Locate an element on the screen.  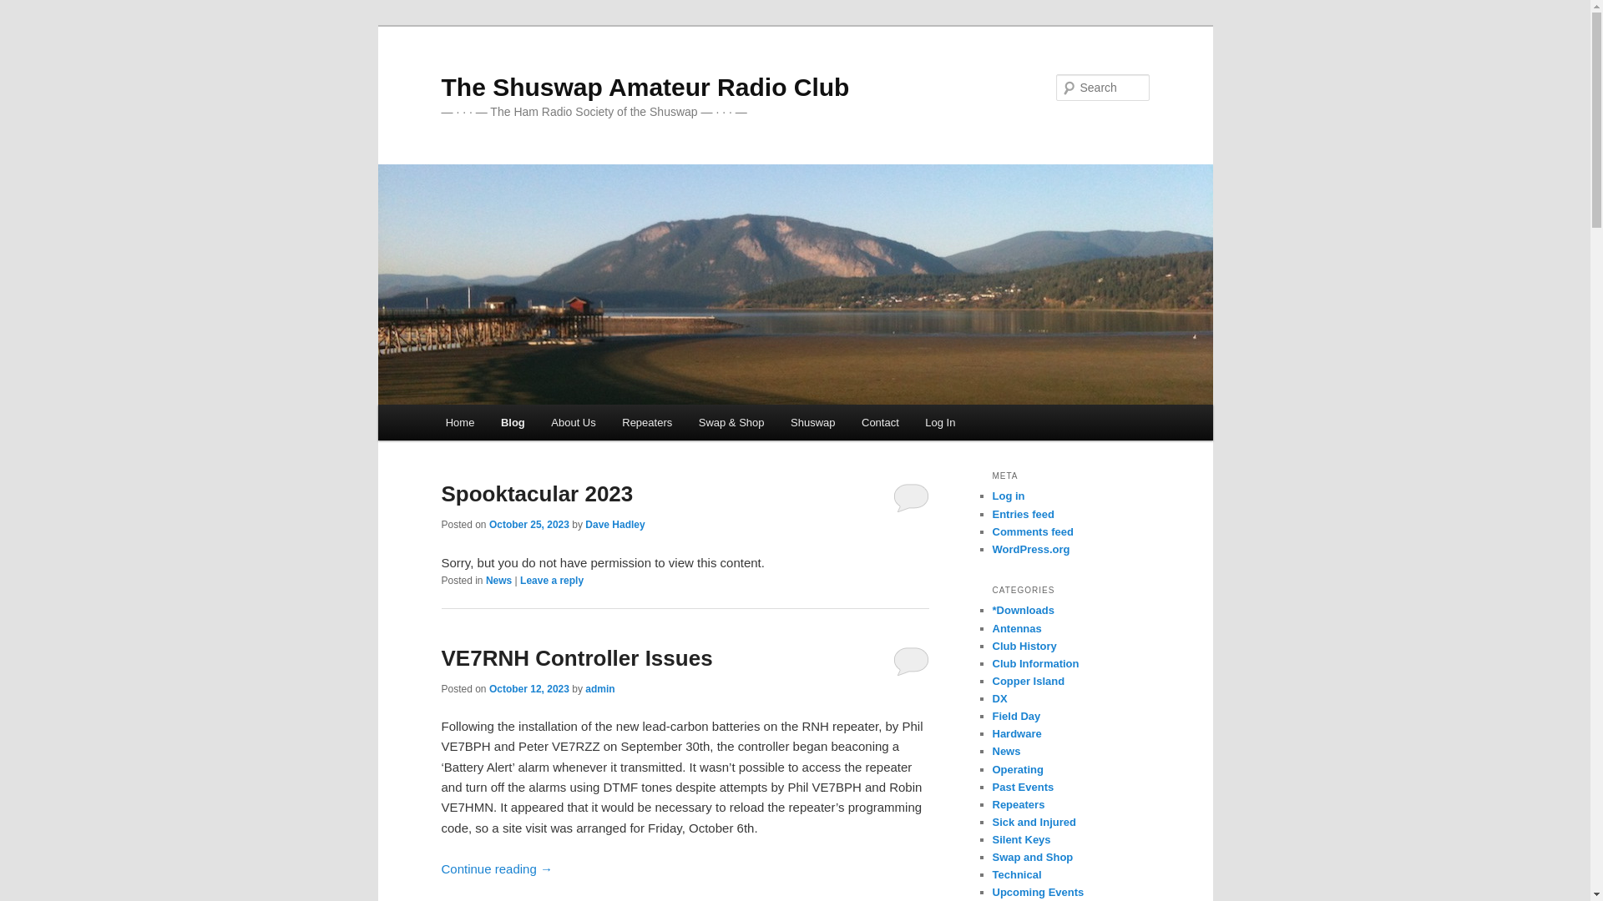
'Log in' is located at coordinates (1007, 495).